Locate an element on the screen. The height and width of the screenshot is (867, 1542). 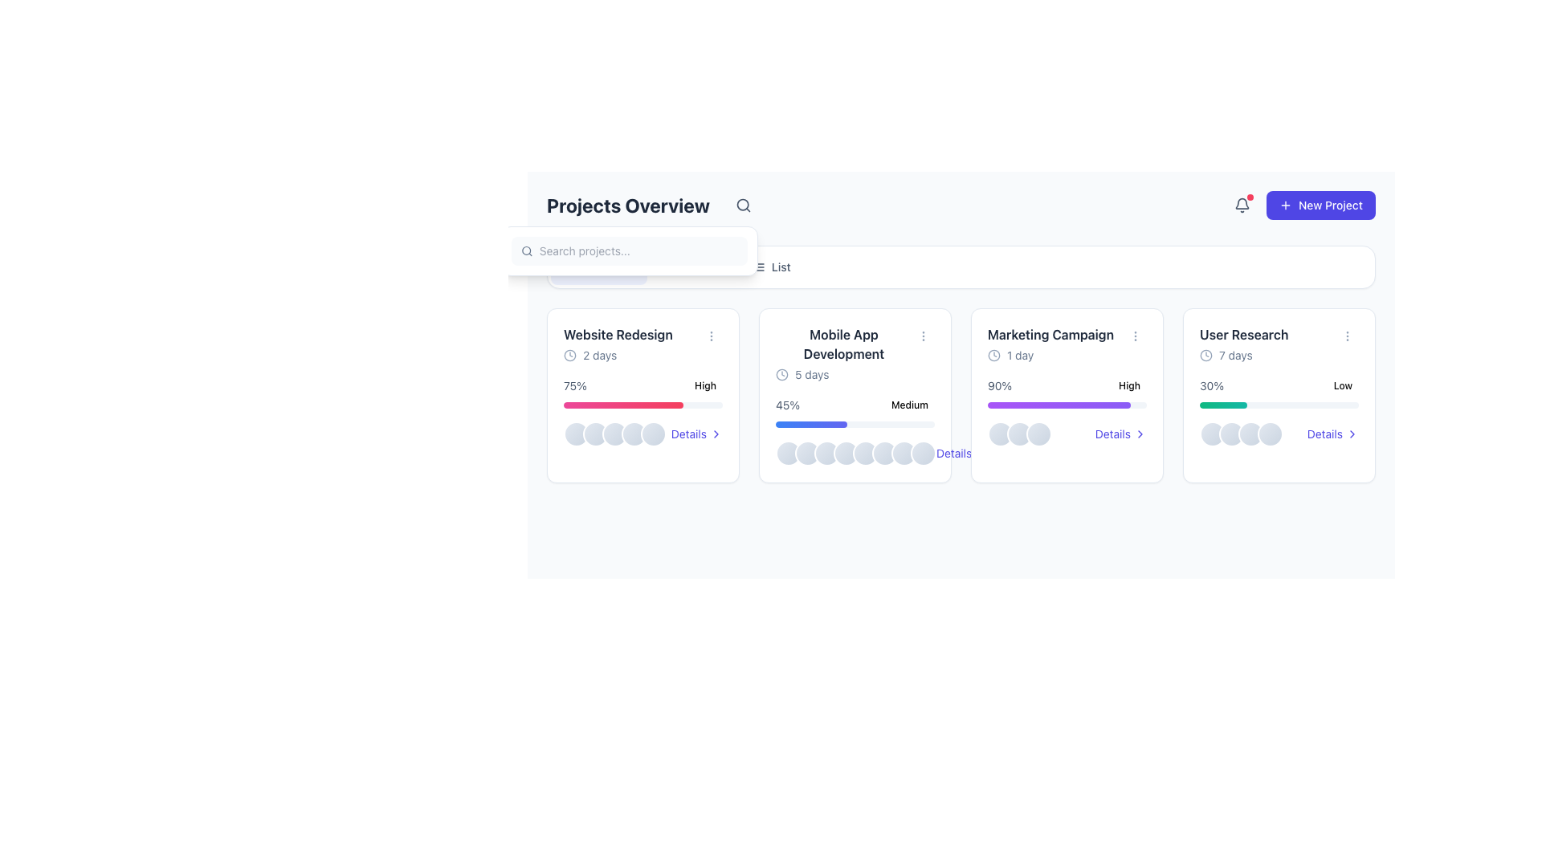
the circular element of the search icon, which represents the lens of the magnifying glass is located at coordinates (526, 250).